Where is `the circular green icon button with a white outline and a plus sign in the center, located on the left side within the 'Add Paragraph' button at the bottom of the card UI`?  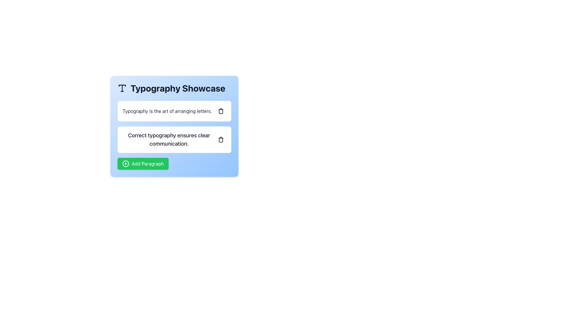
the circular green icon button with a white outline and a plus sign in the center, located on the left side within the 'Add Paragraph' button at the bottom of the card UI is located at coordinates (125, 164).